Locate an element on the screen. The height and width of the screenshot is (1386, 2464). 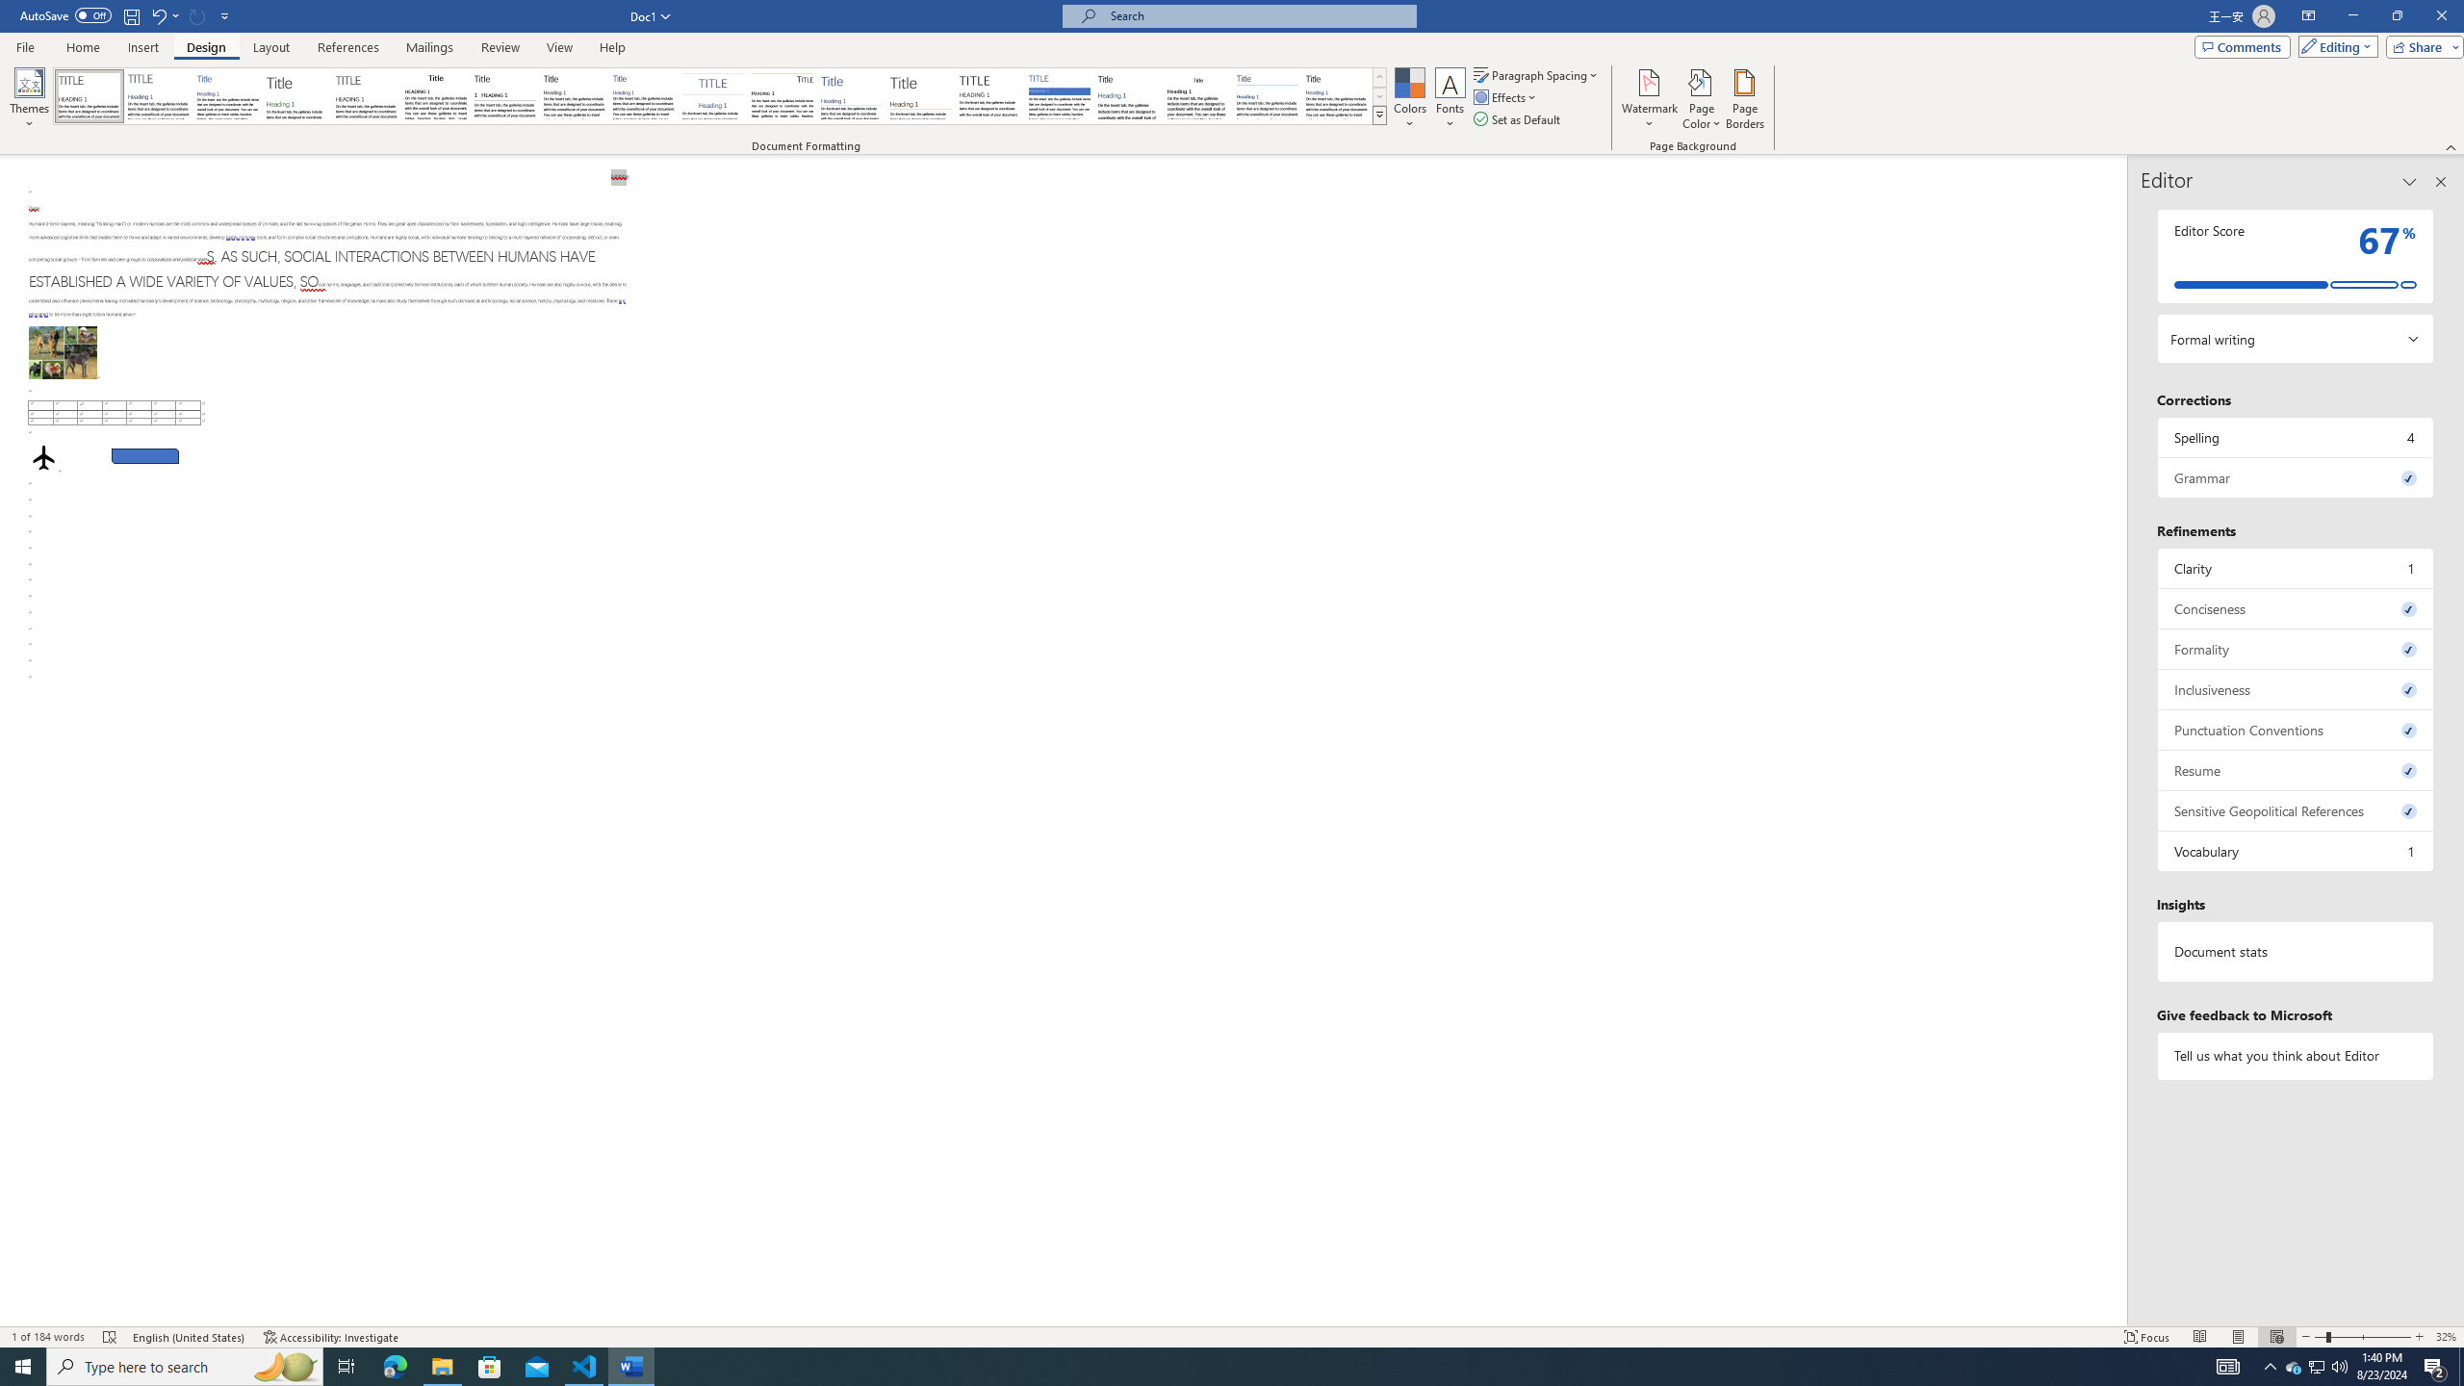
'Lines (Stylish)' is located at coordinates (921, 95).